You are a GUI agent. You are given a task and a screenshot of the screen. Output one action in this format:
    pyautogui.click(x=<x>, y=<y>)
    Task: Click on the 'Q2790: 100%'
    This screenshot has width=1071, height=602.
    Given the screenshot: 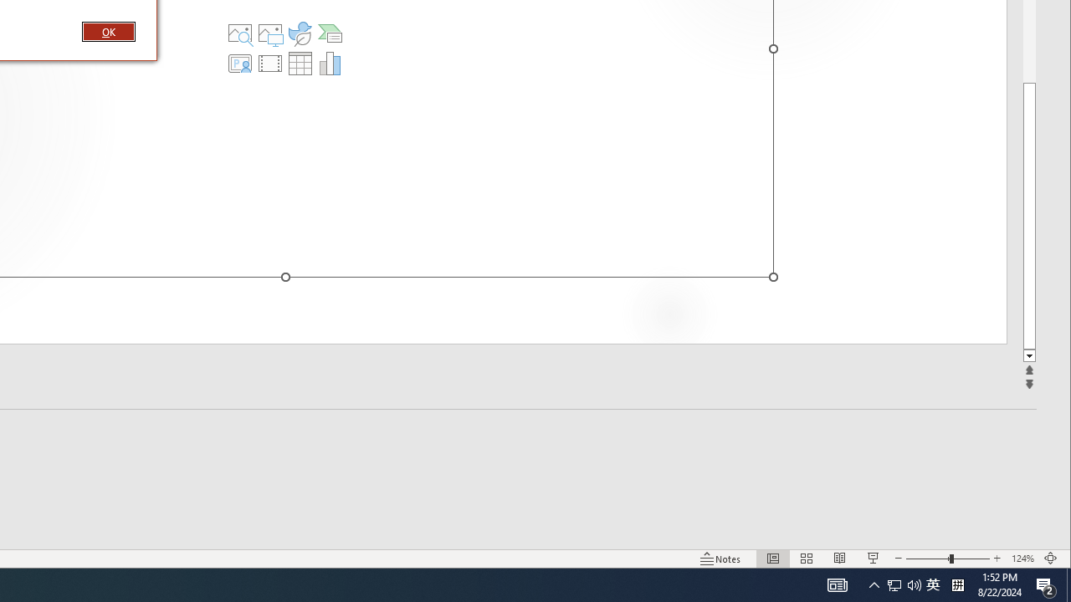 What is the action you would take?
    pyautogui.click(x=914, y=584)
    